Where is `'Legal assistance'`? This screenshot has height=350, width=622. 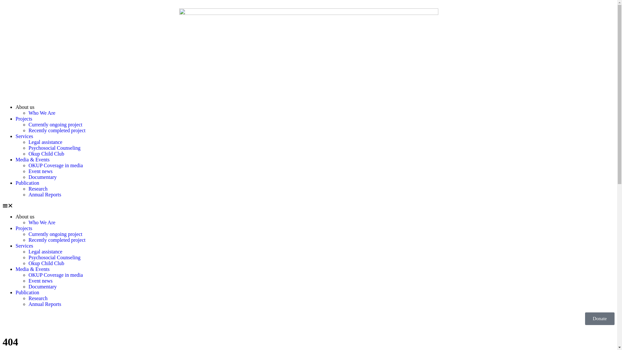 'Legal assistance' is located at coordinates (45, 142).